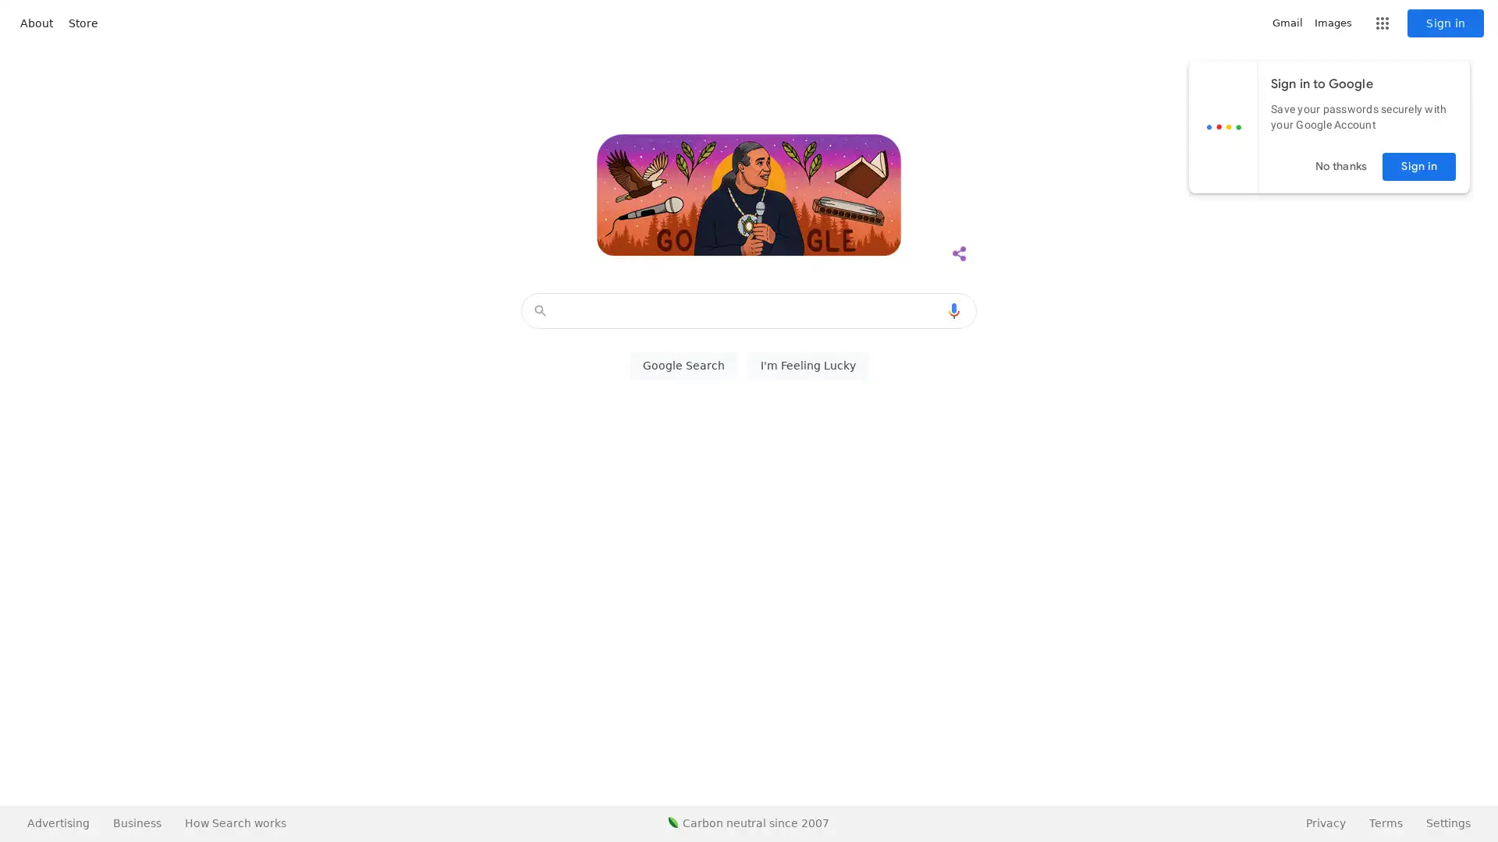 This screenshot has height=842, width=1498. What do you see at coordinates (953, 310) in the screenshot?
I see `Search by voice` at bounding box center [953, 310].